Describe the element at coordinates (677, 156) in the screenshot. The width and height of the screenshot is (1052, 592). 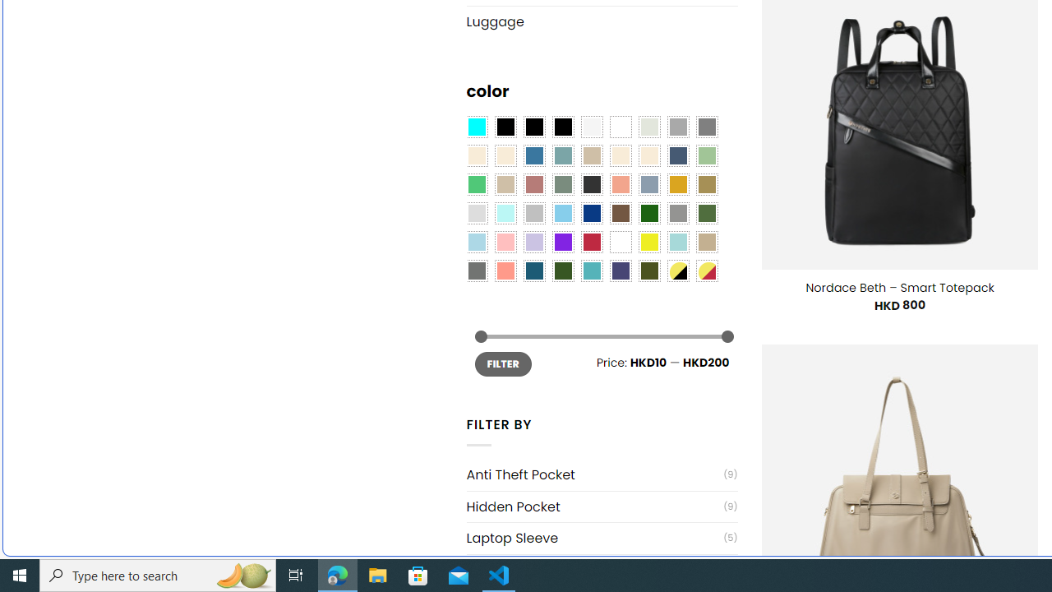
I see `'Hale Navy'` at that location.